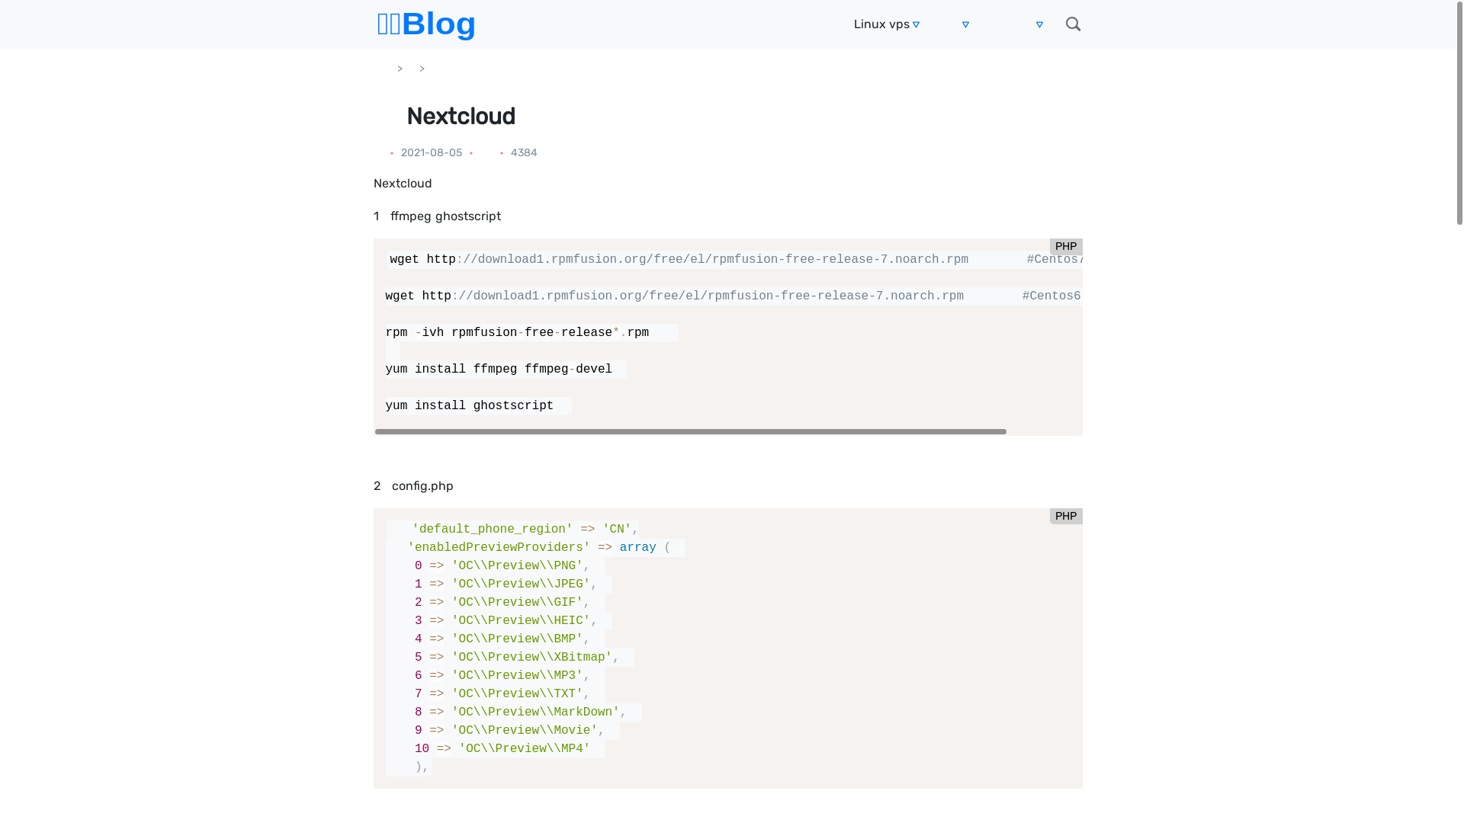 Image resolution: width=1464 pixels, height=823 pixels. What do you see at coordinates (852, 24) in the screenshot?
I see `'Linux vps'` at bounding box center [852, 24].